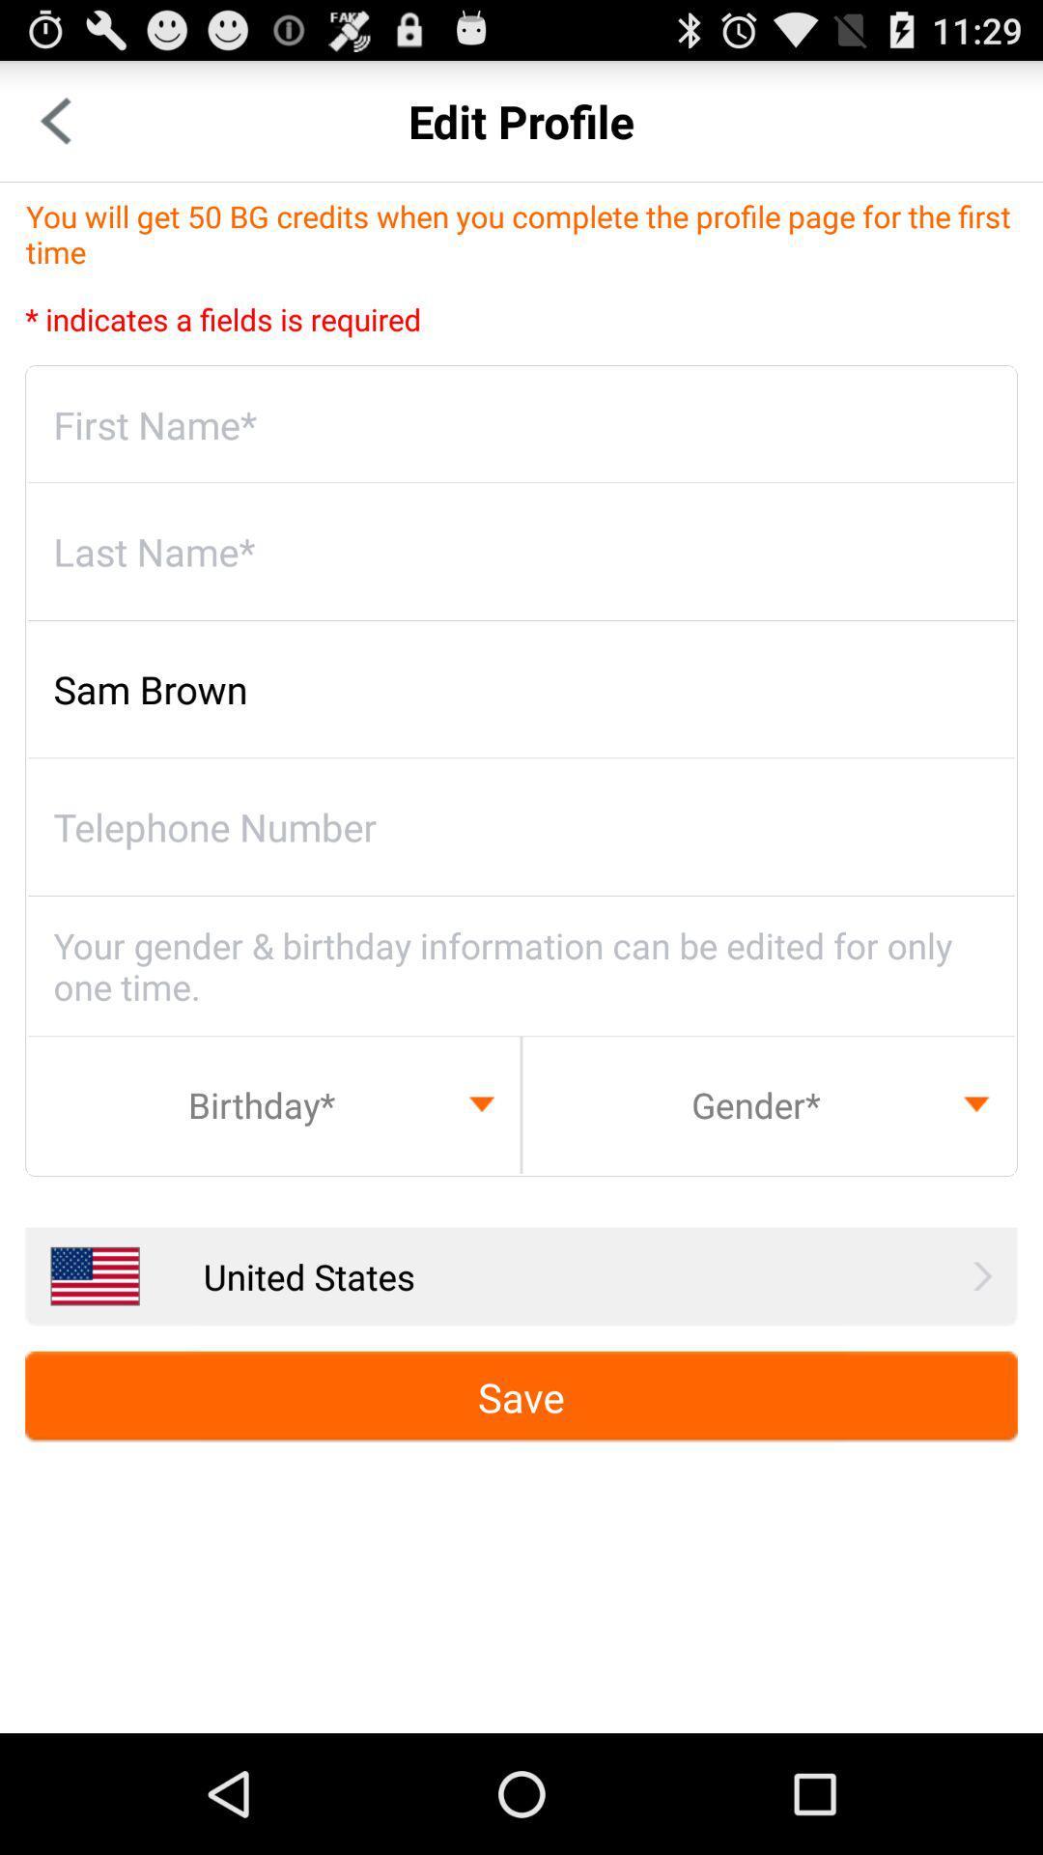 Image resolution: width=1043 pixels, height=1855 pixels. Describe the element at coordinates (54, 128) in the screenshot. I see `the arrow_backward icon` at that location.